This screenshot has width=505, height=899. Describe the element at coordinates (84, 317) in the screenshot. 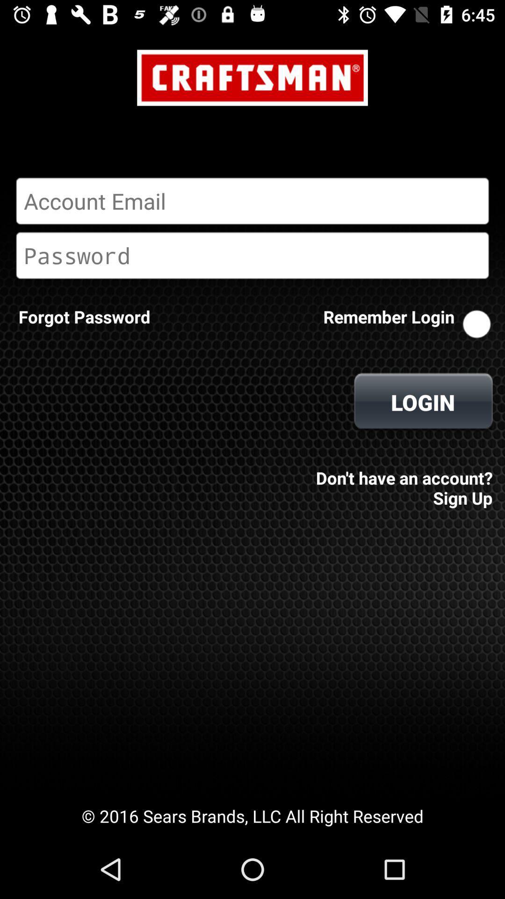

I see `the icon to the left of remember login` at that location.